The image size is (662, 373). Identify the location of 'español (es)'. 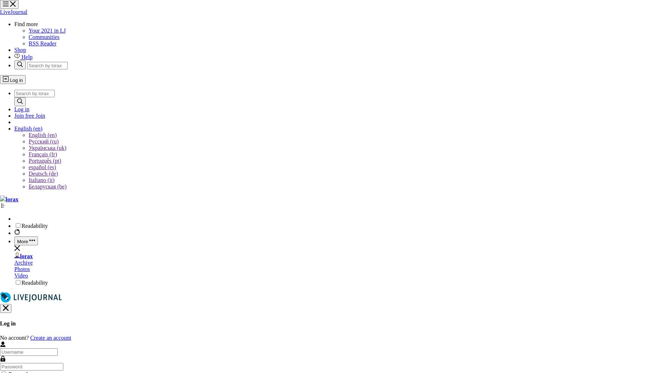
(42, 167).